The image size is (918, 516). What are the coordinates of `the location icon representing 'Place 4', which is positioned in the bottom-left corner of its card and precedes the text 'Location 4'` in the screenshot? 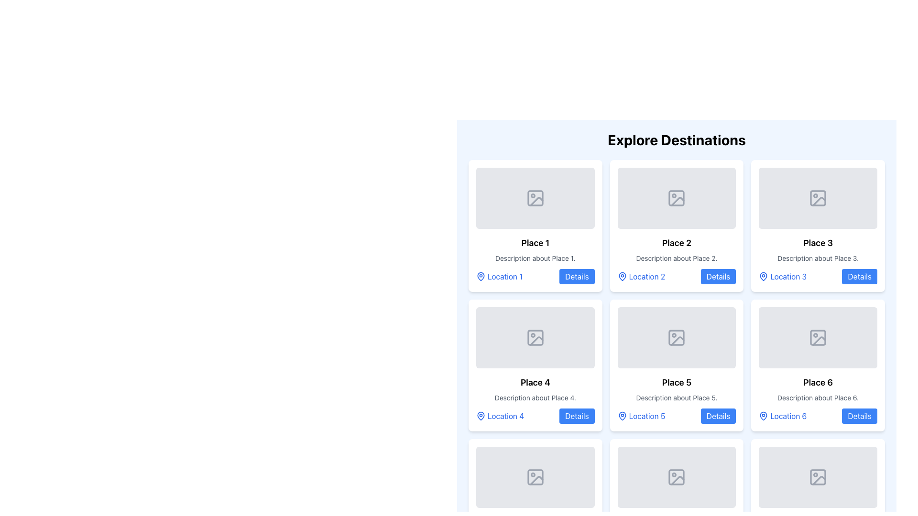 It's located at (481, 416).